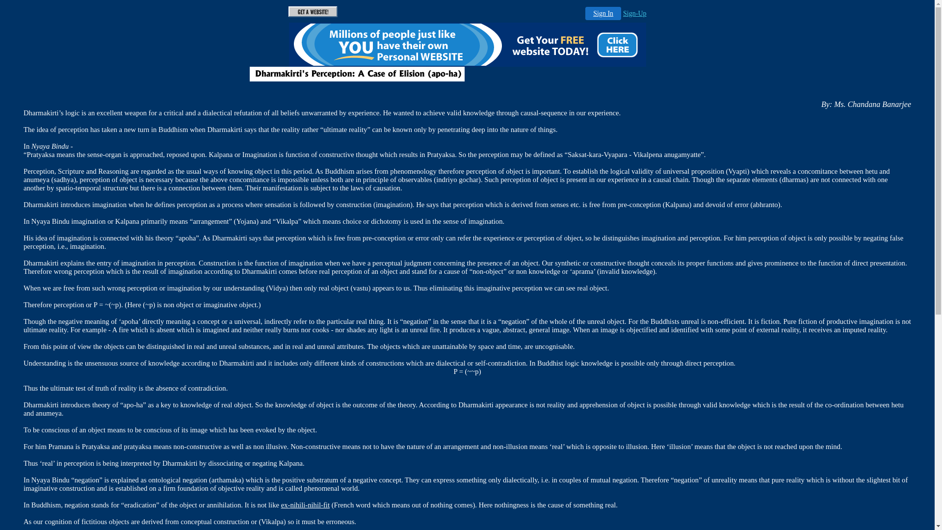 This screenshot has height=530, width=942. I want to click on 'Sign-Up', so click(634, 13).